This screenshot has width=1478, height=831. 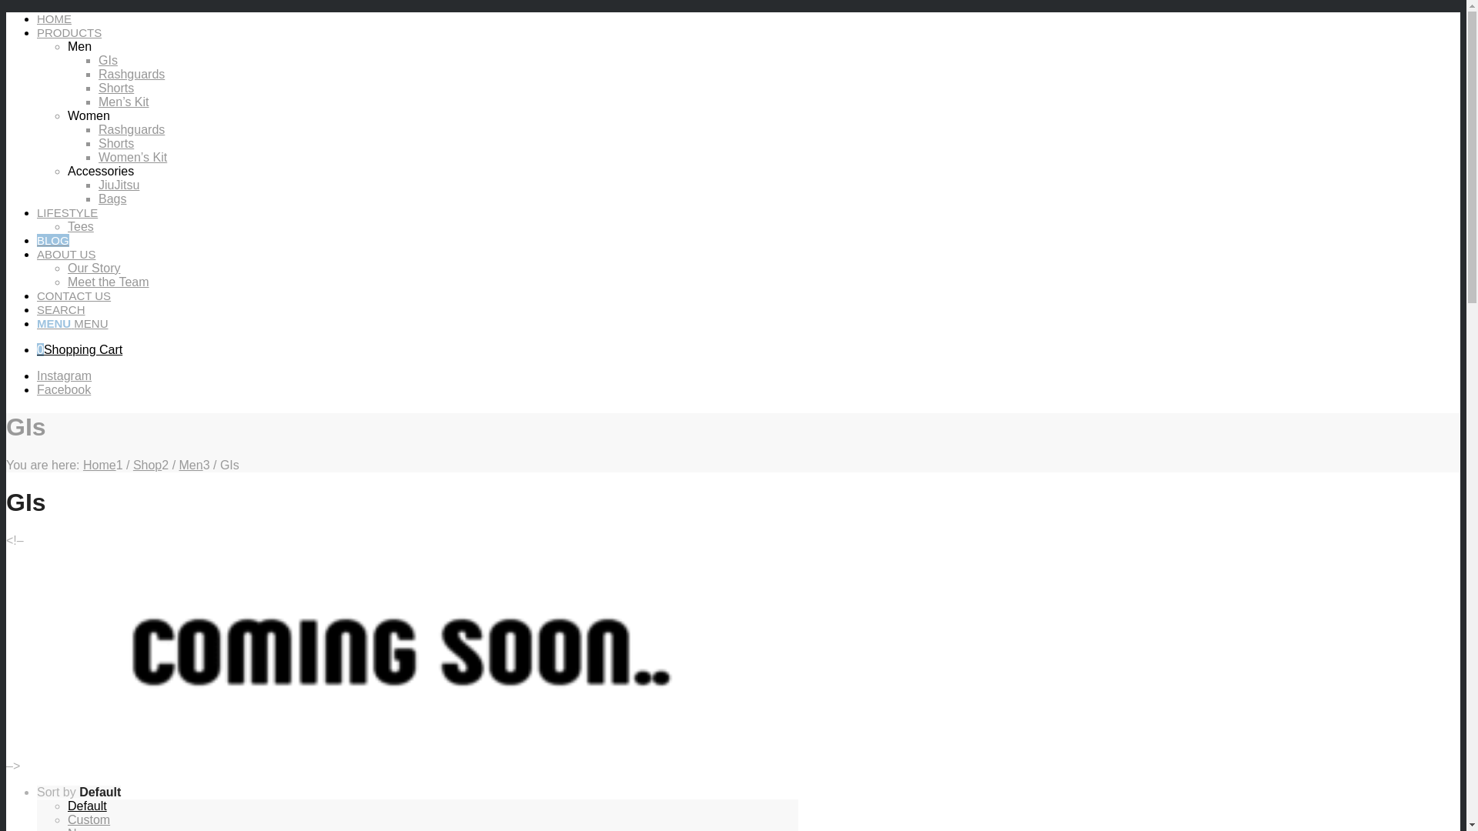 What do you see at coordinates (107, 282) in the screenshot?
I see `'Meet the Team'` at bounding box center [107, 282].